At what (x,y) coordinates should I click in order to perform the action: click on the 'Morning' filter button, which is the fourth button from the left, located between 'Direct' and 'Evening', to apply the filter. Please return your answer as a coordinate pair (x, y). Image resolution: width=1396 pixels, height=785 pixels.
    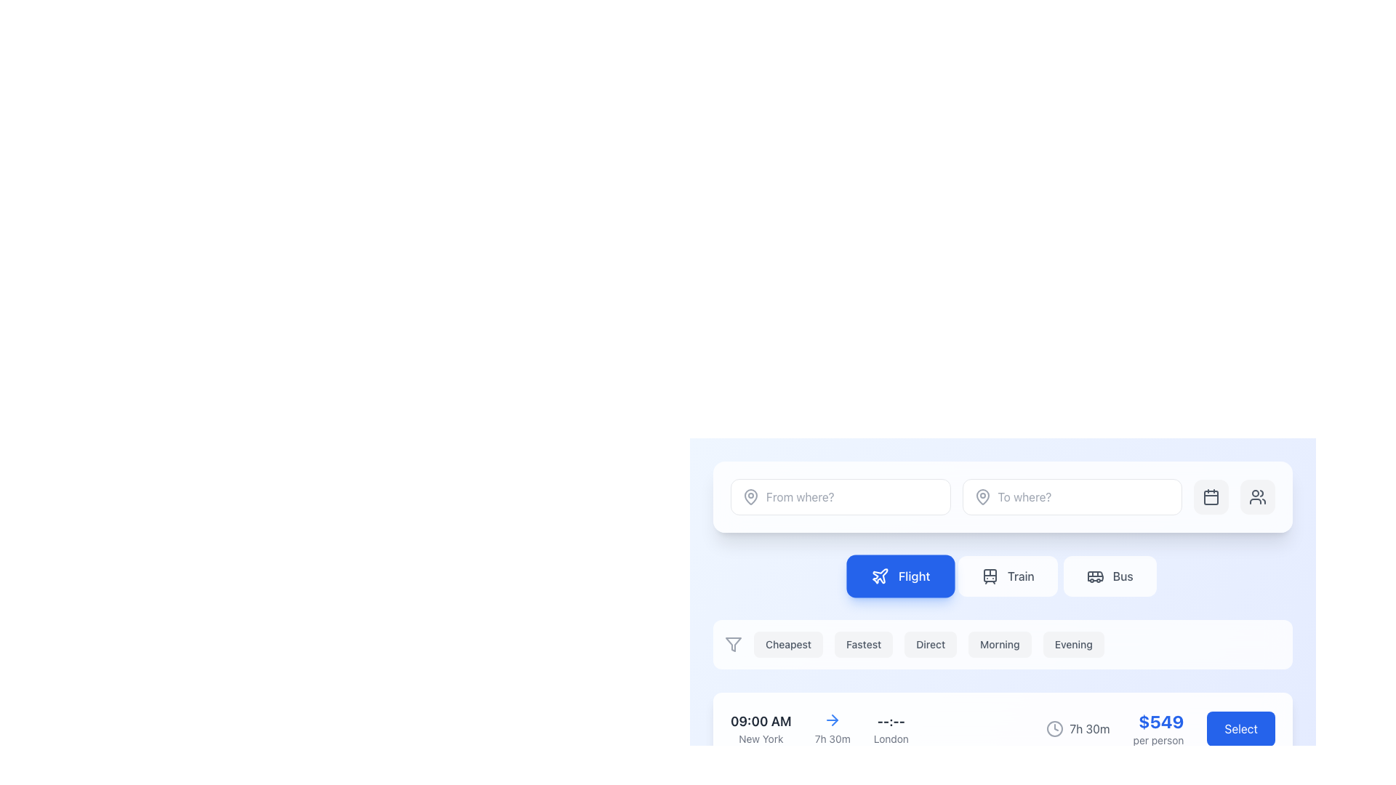
    Looking at the image, I should click on (1002, 644).